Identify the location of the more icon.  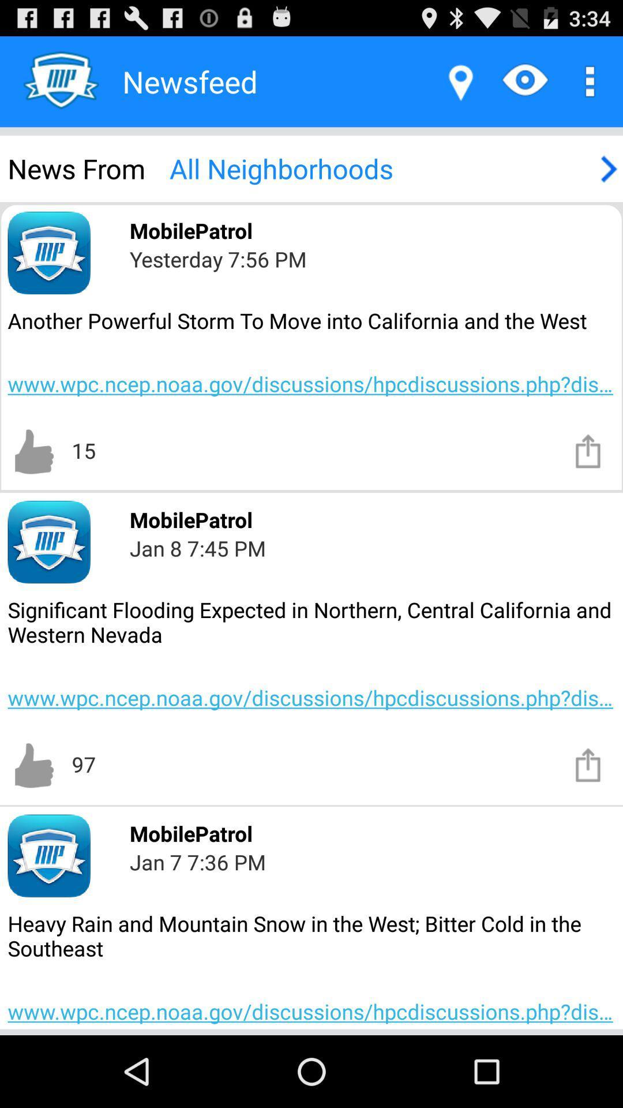
(587, 87).